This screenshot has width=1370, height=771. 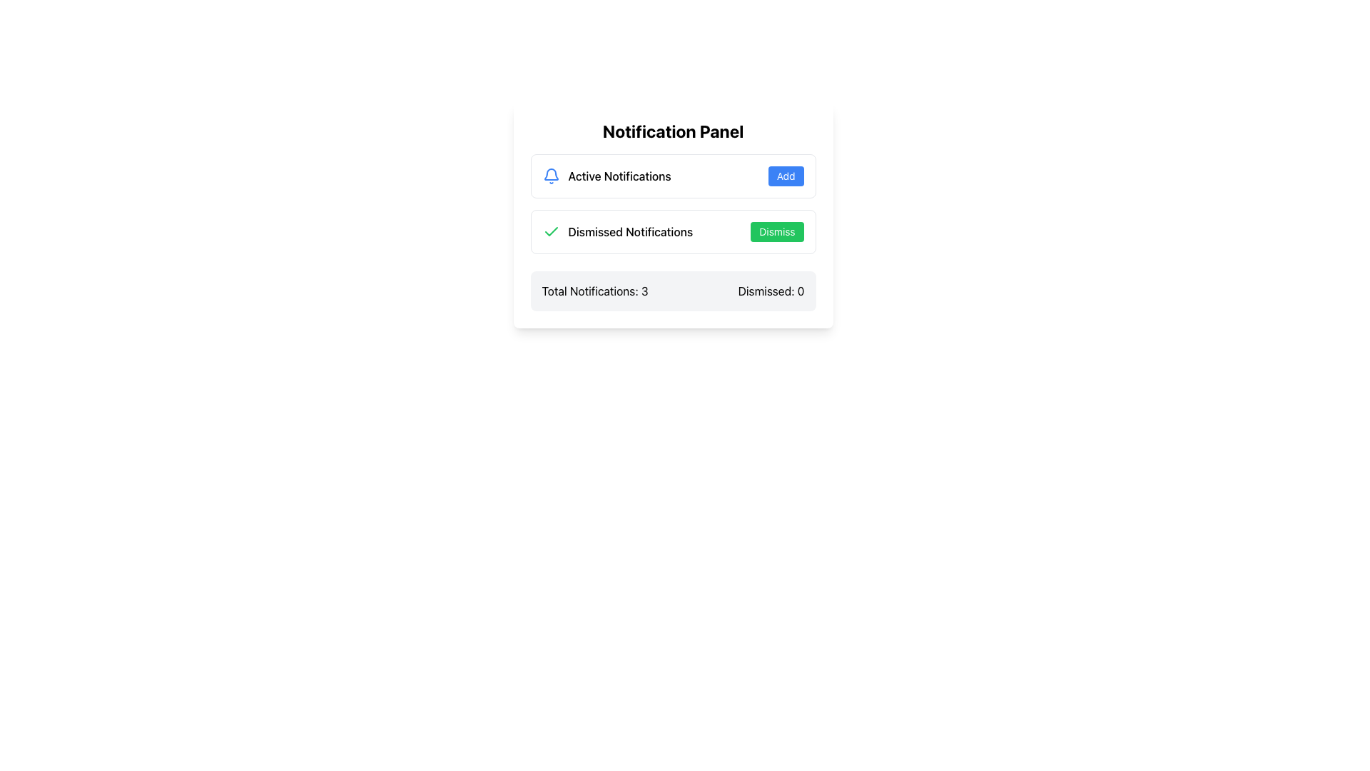 I want to click on the Label with a green checkmark icon indicating dismissed notifications, located in the middle of the interface within a notification card, to the left of the 'Dismiss' button, so click(x=617, y=231).